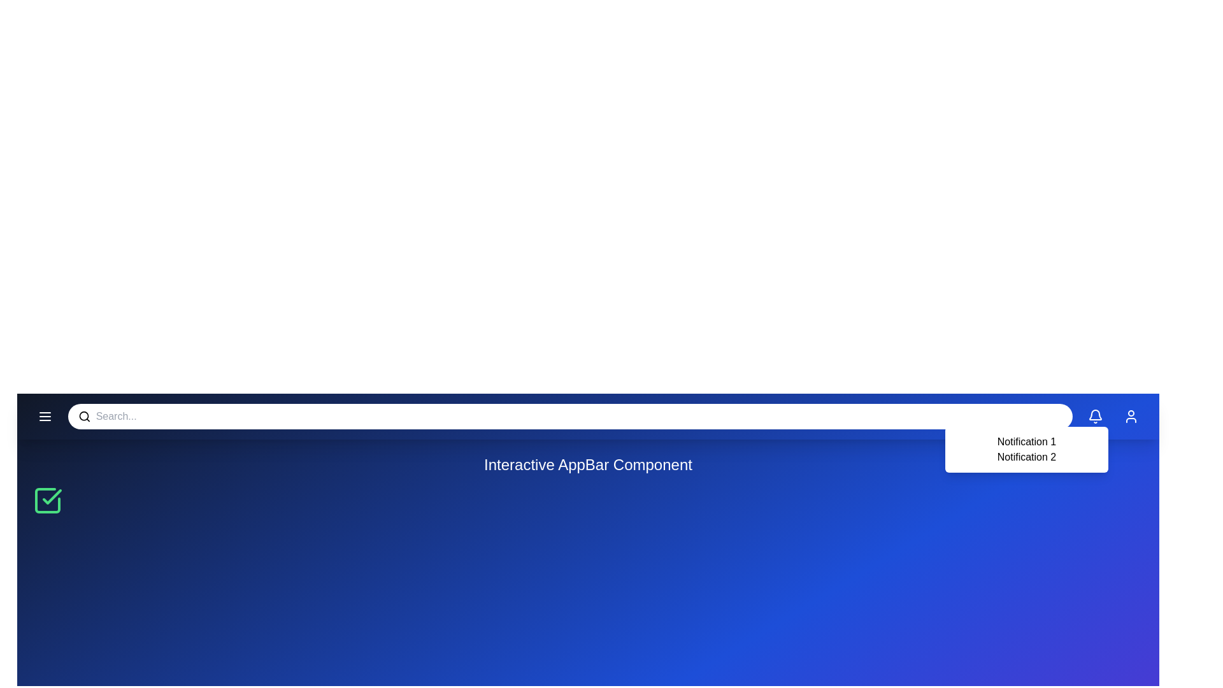 The width and height of the screenshot is (1223, 688). Describe the element at coordinates (48, 500) in the screenshot. I see `the checkbox to inspect its state` at that location.